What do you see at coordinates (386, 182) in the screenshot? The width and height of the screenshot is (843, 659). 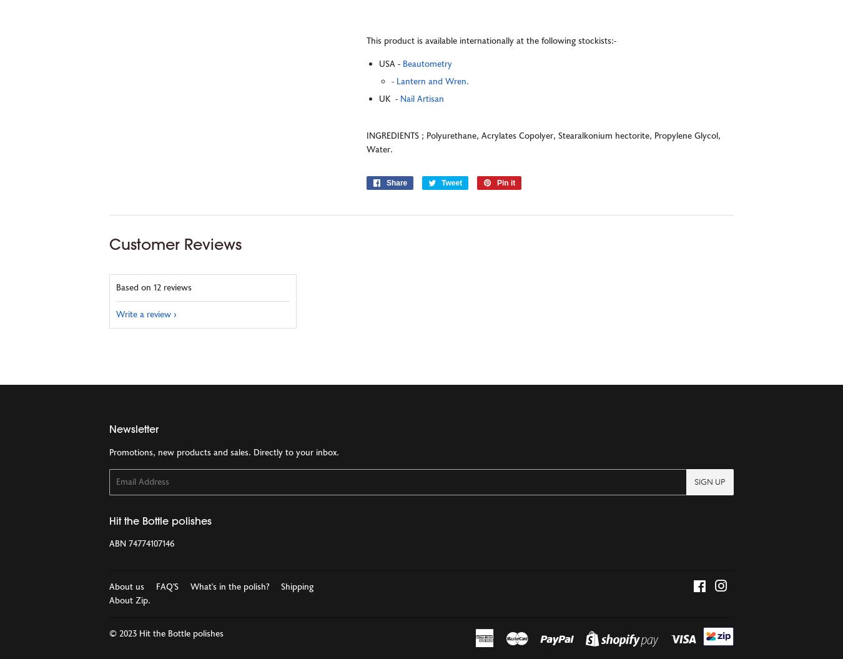 I see `'Share'` at bounding box center [386, 182].